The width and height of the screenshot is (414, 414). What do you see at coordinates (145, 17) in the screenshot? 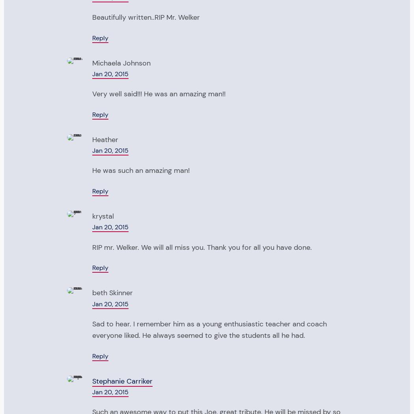
I see `'Beautifully written..RIP Mr. Welker'` at bounding box center [145, 17].